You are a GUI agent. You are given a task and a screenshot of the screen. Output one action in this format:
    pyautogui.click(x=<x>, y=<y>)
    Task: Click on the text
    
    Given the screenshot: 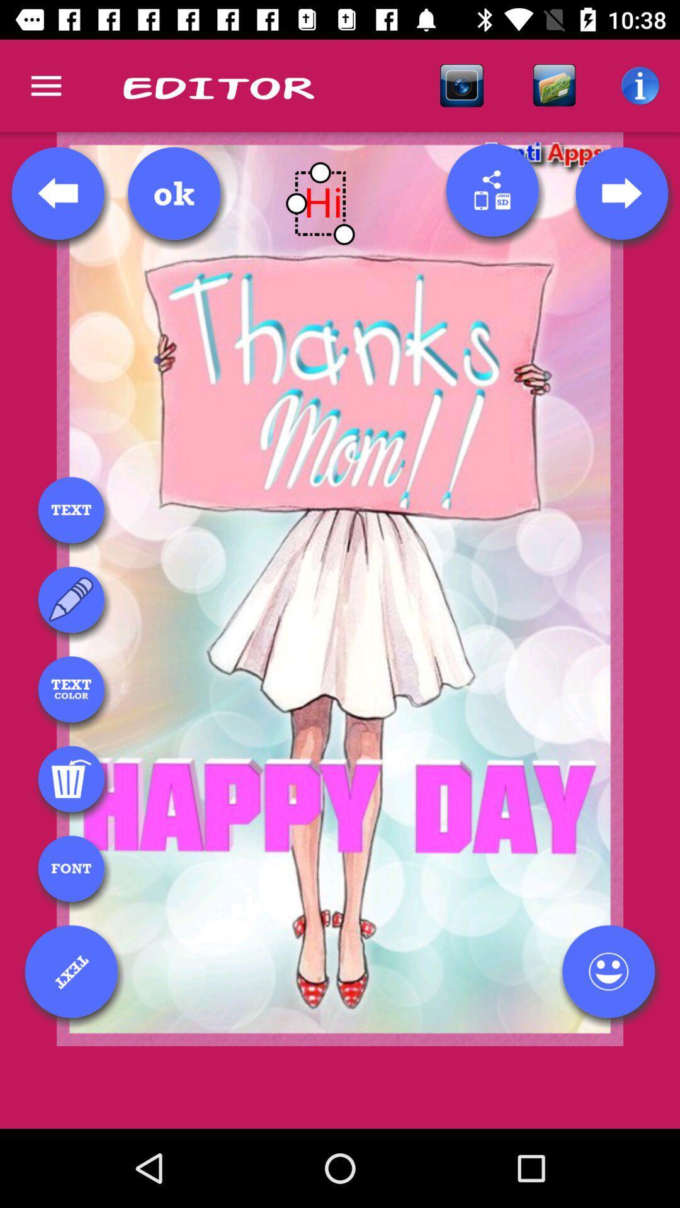 What is the action you would take?
    pyautogui.click(x=71, y=510)
    